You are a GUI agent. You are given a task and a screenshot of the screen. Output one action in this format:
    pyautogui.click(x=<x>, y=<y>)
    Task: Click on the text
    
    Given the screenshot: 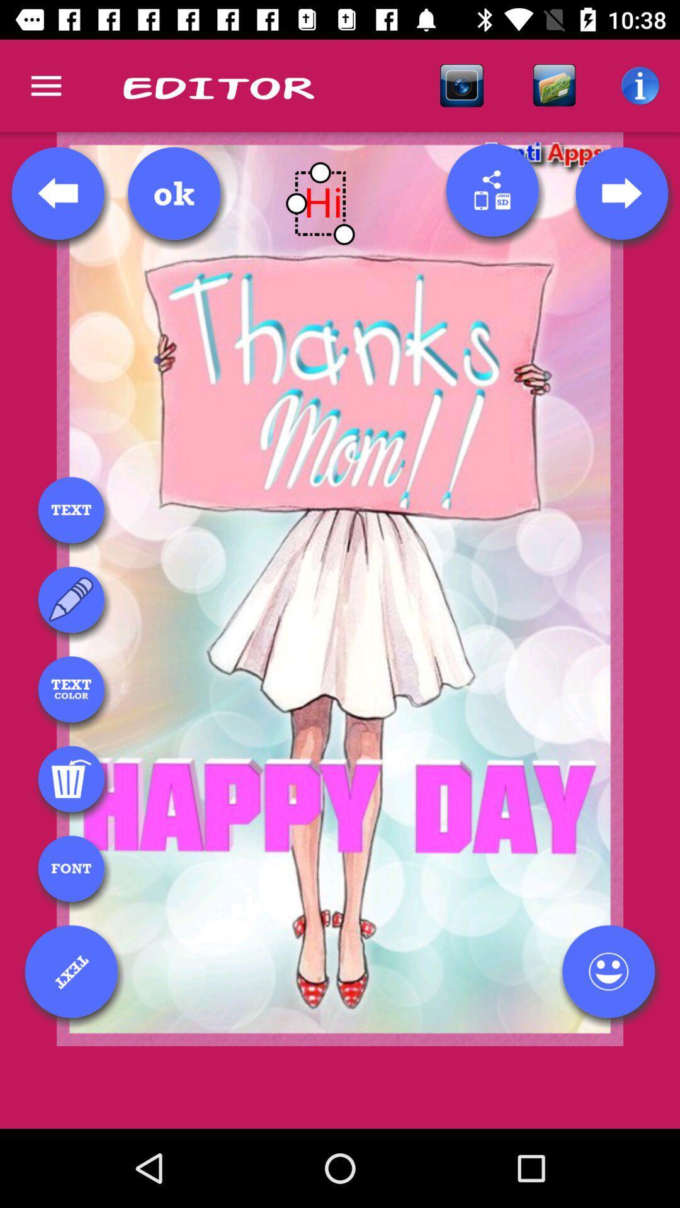 What is the action you would take?
    pyautogui.click(x=71, y=510)
    